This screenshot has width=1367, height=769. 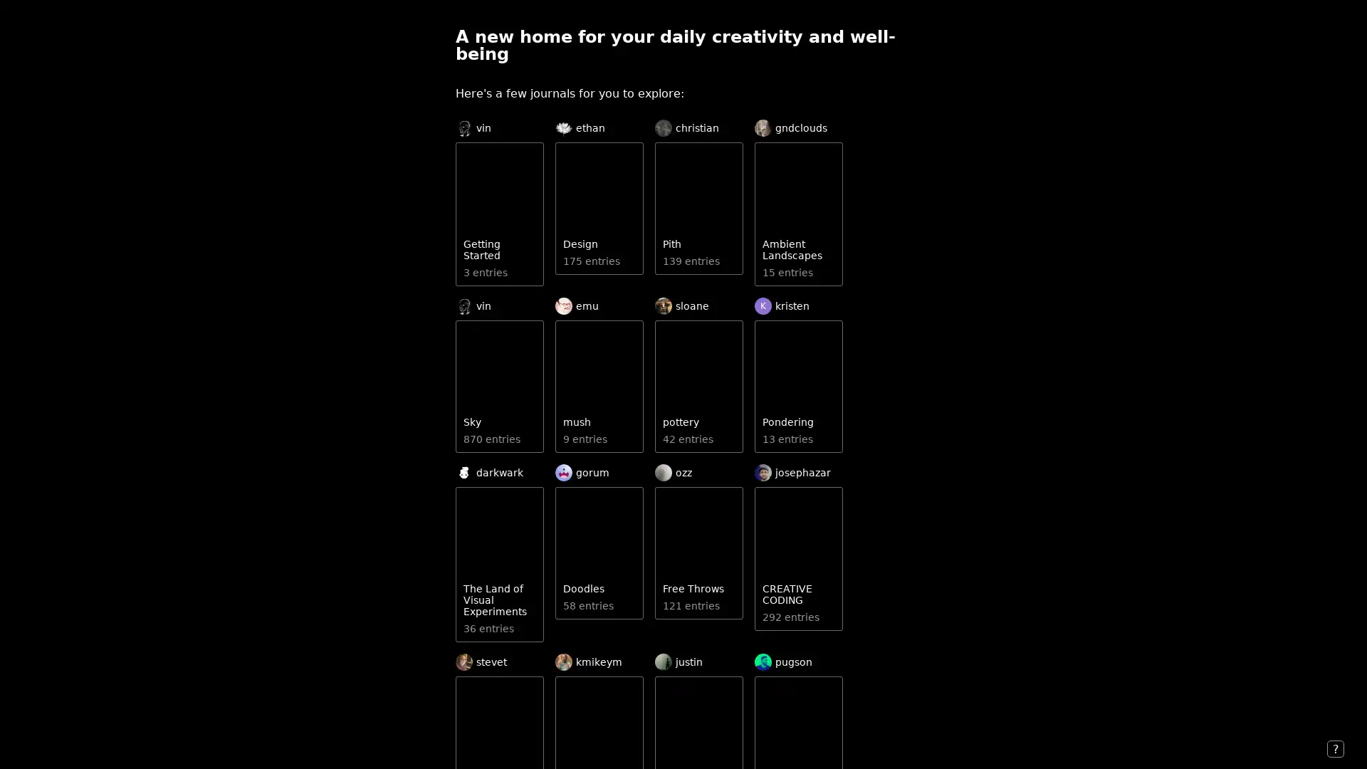 What do you see at coordinates (1335, 748) in the screenshot?
I see `?` at bounding box center [1335, 748].